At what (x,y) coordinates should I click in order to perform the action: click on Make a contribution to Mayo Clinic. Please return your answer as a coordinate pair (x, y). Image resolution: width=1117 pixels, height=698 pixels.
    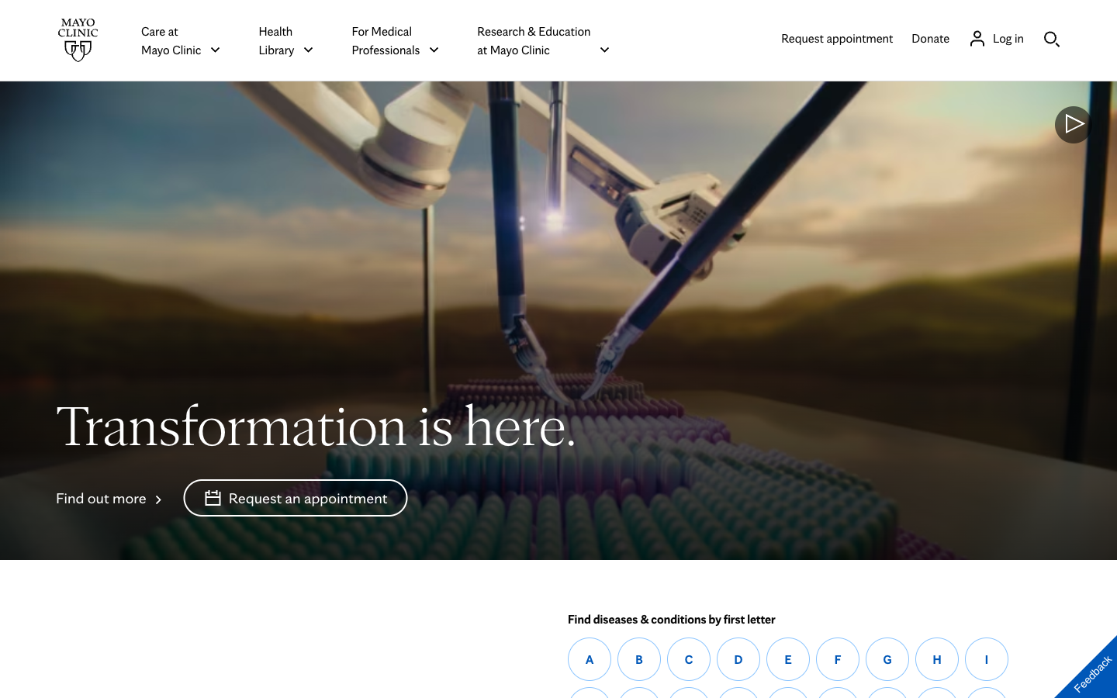
    Looking at the image, I should click on (930, 36).